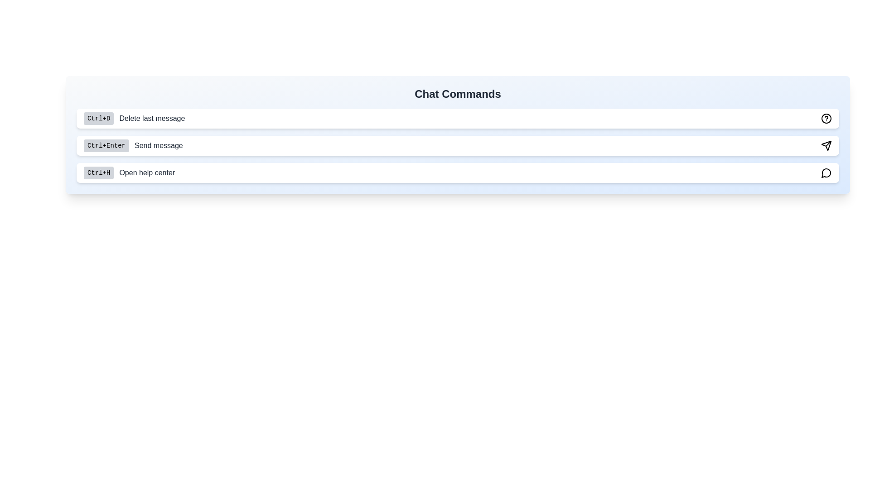 The width and height of the screenshot is (870, 489). Describe the element at coordinates (826, 118) in the screenshot. I see `the circular SVG graphic element located at the far-right end of the topmost input field, which serves as an indicator or button` at that location.